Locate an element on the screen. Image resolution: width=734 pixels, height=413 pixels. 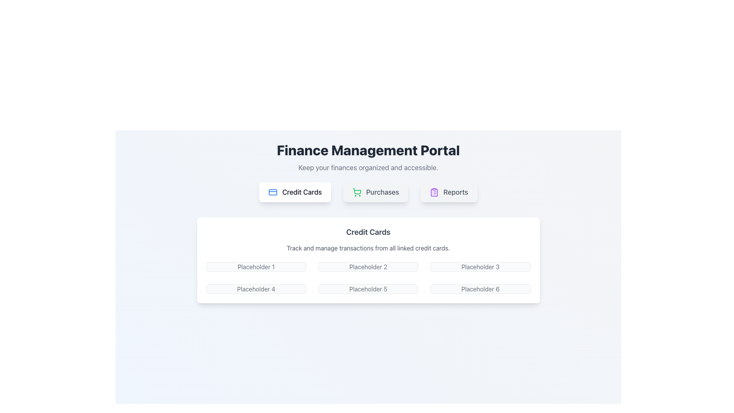
the Text header with description located at the top of the visible content area, which provides an overview of the portal's purpose and utility is located at coordinates (368, 157).